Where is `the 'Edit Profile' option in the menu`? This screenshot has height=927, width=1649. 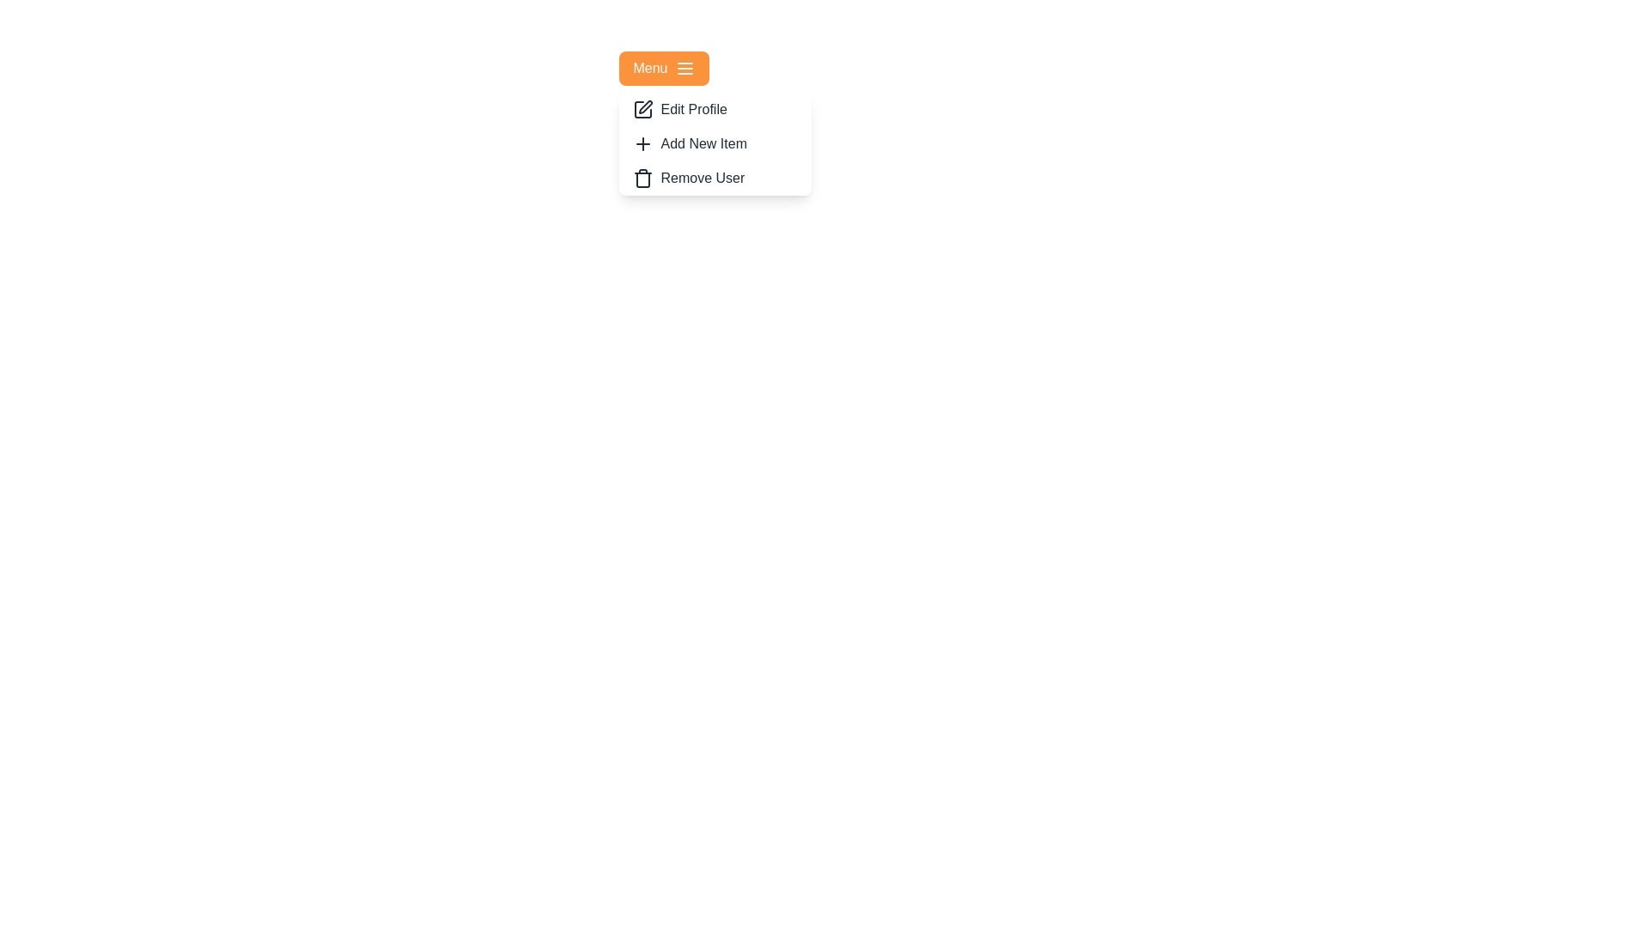 the 'Edit Profile' option in the menu is located at coordinates (715, 109).